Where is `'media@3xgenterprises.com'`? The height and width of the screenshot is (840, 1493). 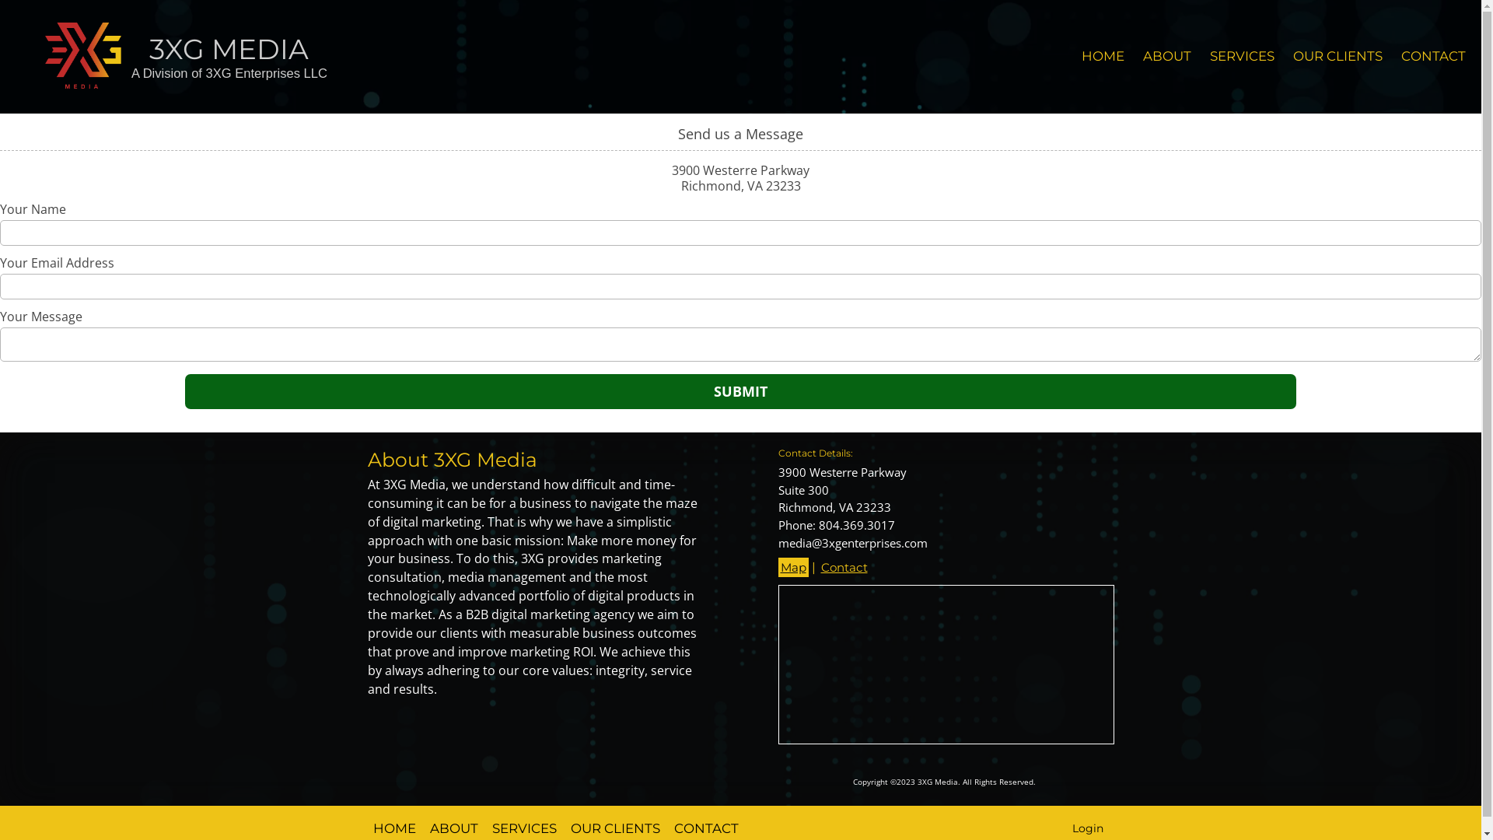 'media@3xgenterprises.com' is located at coordinates (851, 542).